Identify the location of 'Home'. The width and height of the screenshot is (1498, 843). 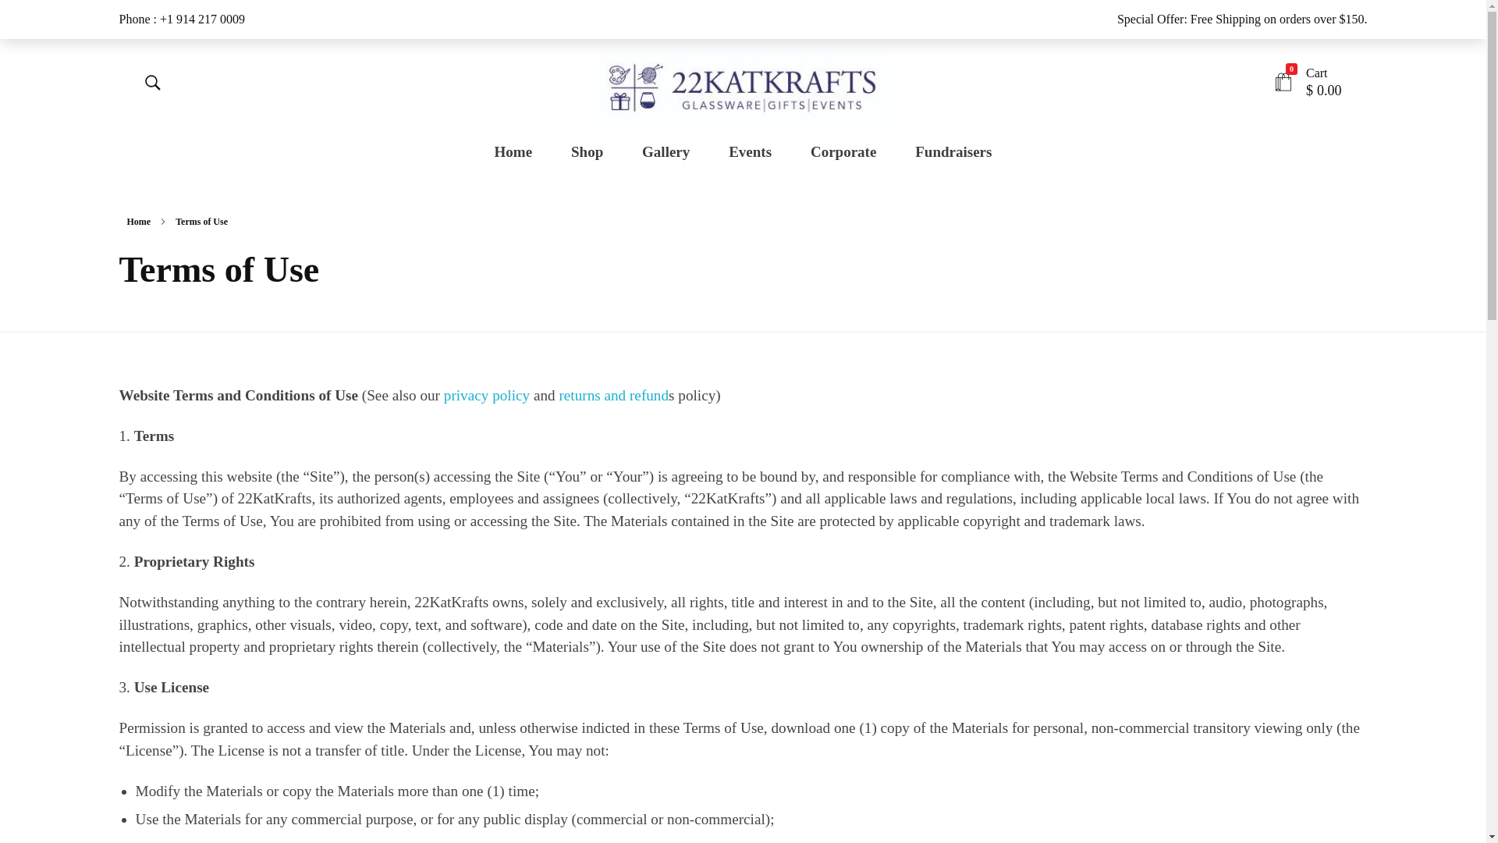
(523, 152).